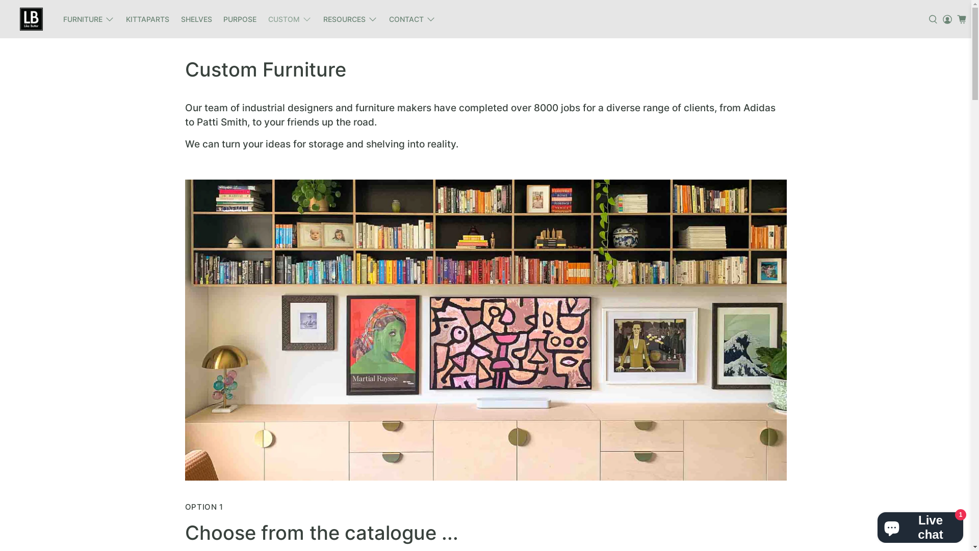 The image size is (979, 551). What do you see at coordinates (262, 19) in the screenshot?
I see `'CUSTOM'` at bounding box center [262, 19].